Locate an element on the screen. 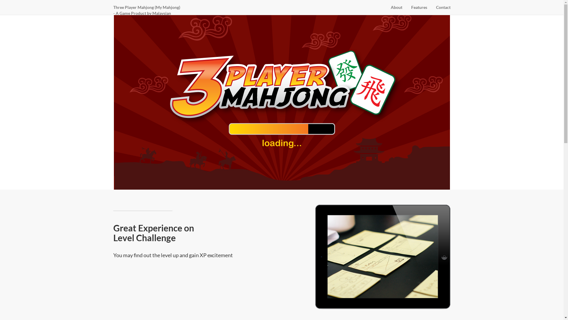 The image size is (568, 320). 'Features' is located at coordinates (419, 7).